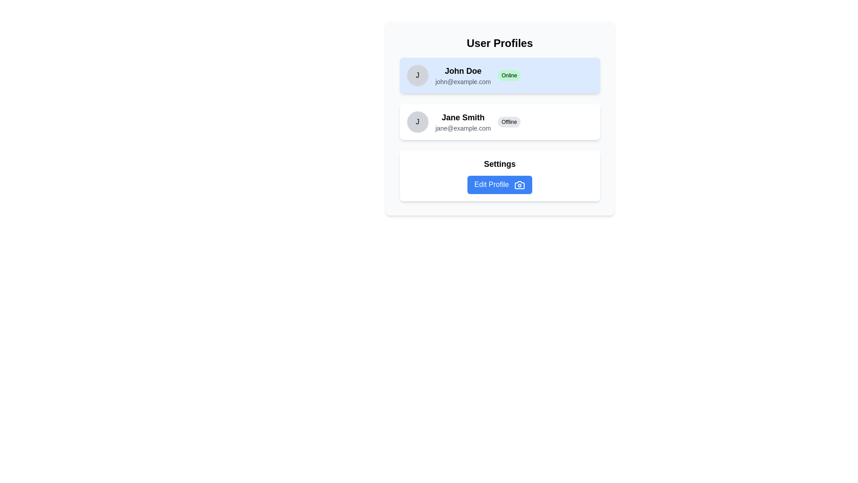 This screenshot has width=858, height=483. What do you see at coordinates (463, 75) in the screenshot?
I see `the text label containing the user's name and email, which is positioned beneath the circular avatar with the letter 'J' and to the left of the 'Online' badge, serving as the primary identifier for the first user in the list` at bounding box center [463, 75].